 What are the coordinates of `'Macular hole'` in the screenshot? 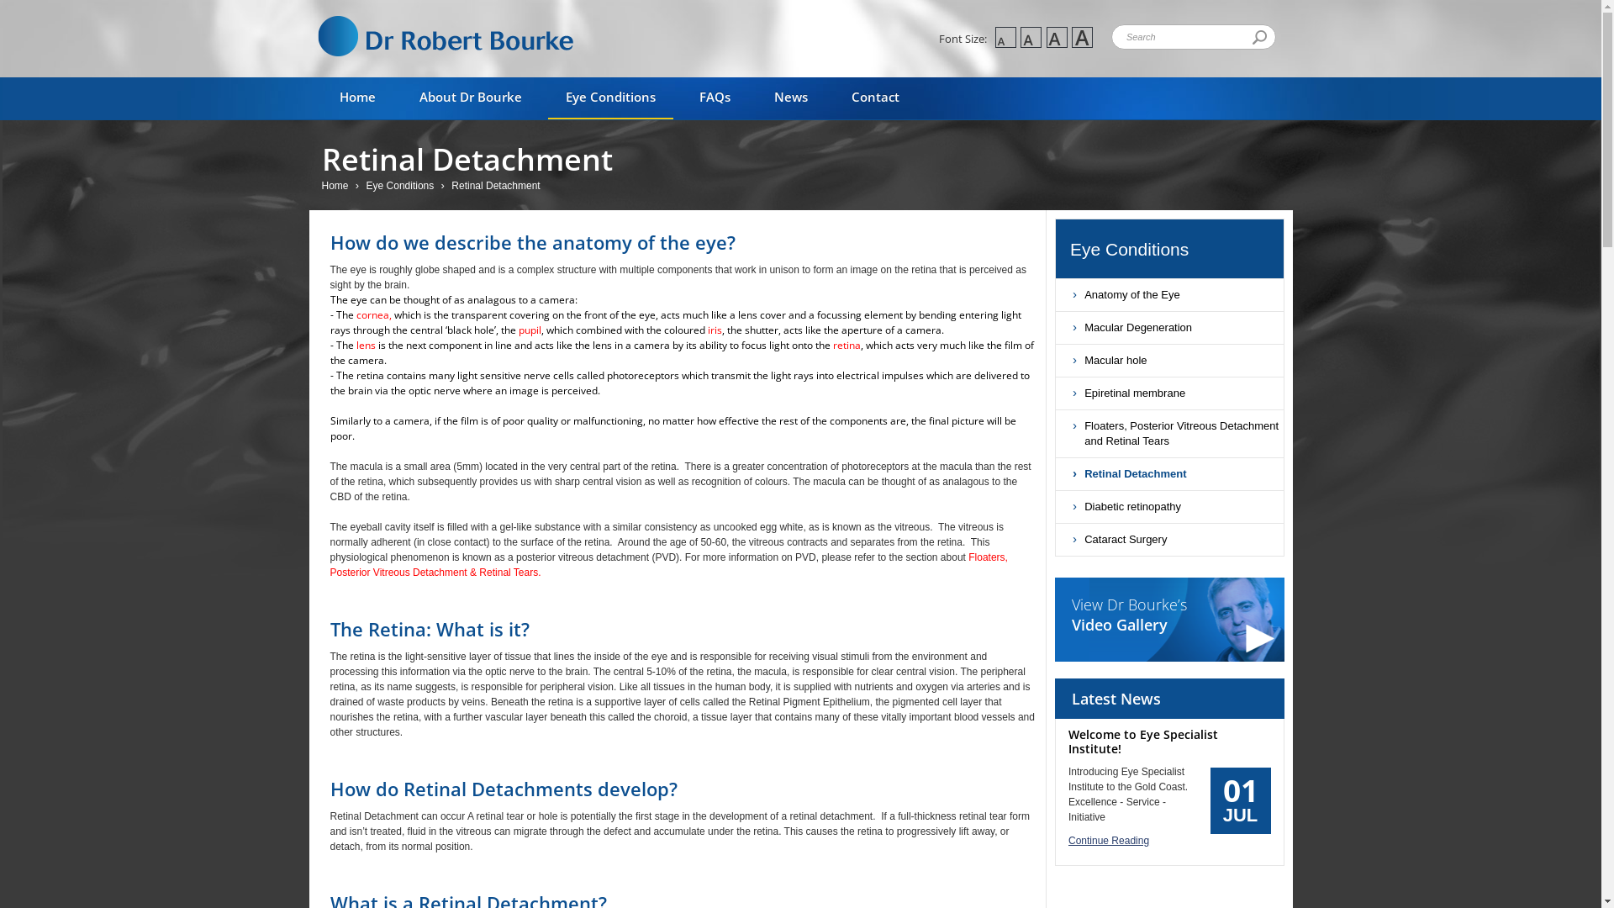 It's located at (1055, 359).